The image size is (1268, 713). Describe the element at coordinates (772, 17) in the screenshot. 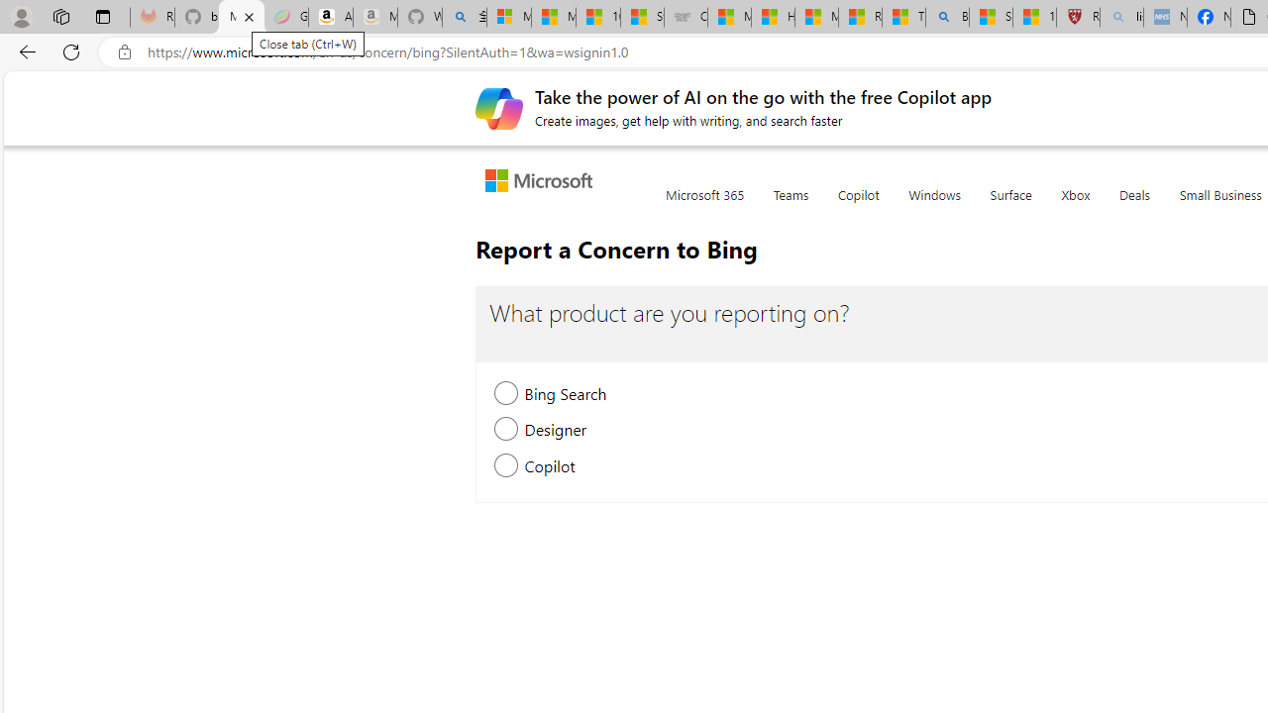

I see `'How I Got Rid of Microsoft Edge'` at that location.